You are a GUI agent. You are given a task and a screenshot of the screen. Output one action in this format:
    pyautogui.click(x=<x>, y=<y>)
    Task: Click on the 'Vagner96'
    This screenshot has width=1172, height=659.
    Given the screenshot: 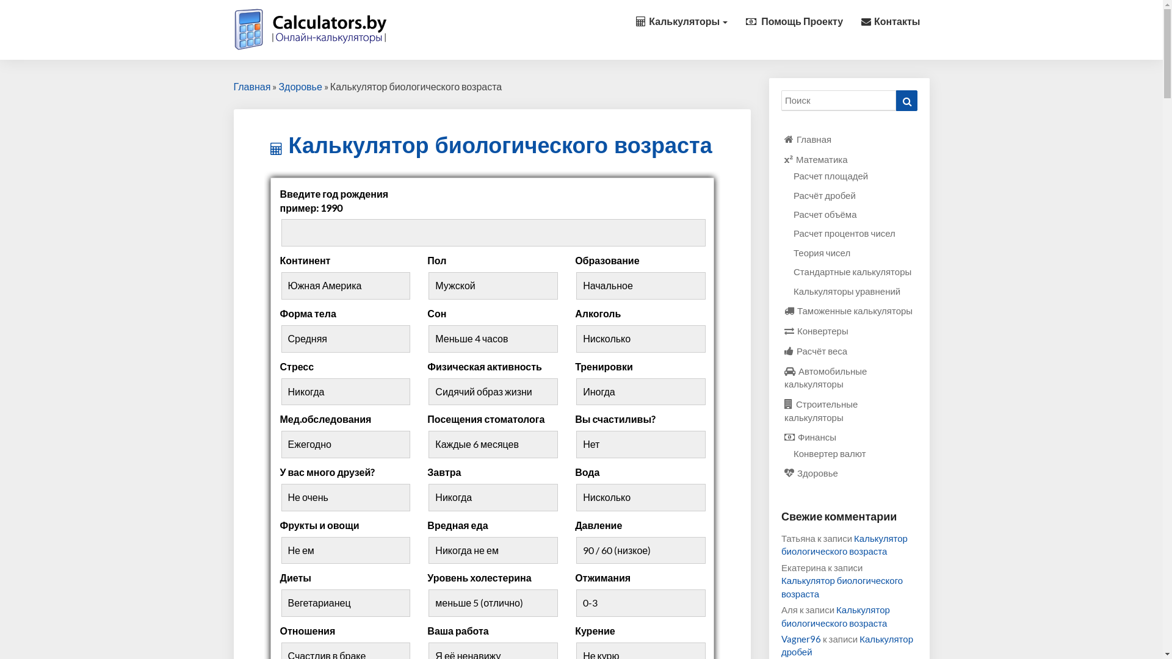 What is the action you would take?
    pyautogui.click(x=801, y=638)
    